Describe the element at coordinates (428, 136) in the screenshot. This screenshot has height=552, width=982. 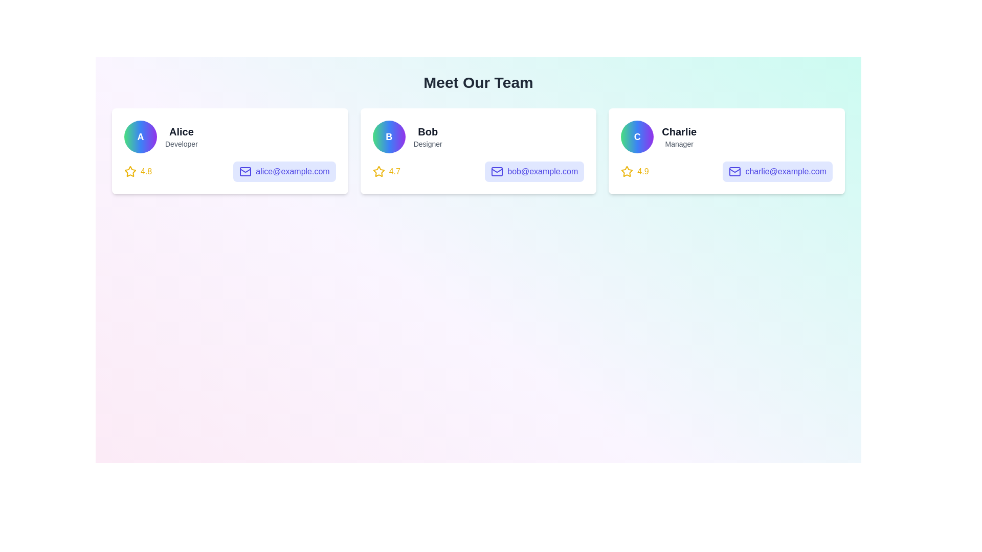
I see `the text block displaying the name 'Bob' and title 'Designer', which is centered vertically and aligned to the right of a circular avatar within the middle card of a three-card layout` at that location.